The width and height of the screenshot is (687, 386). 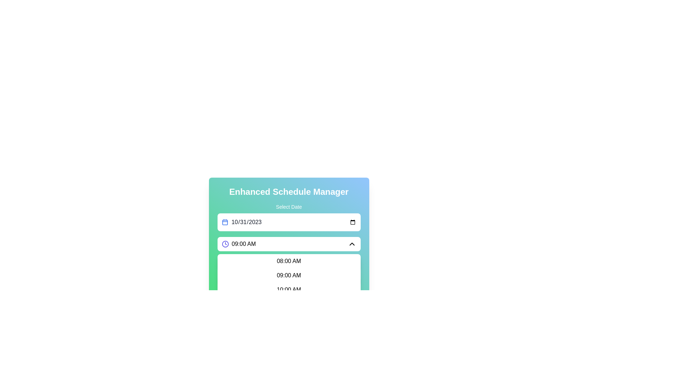 What do you see at coordinates (225, 243) in the screenshot?
I see `the clock icon located in the second row of the schedule interface, next to the '09:00 AM' time display` at bounding box center [225, 243].